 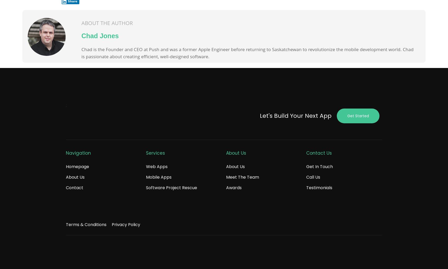 I want to click on 'Navigation', so click(x=78, y=153).